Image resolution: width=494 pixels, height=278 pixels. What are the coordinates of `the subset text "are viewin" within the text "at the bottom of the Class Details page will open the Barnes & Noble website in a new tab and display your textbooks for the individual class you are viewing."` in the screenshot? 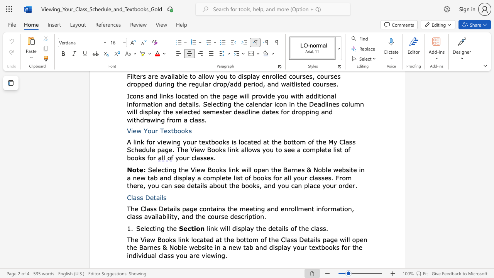 It's located at (189, 255).